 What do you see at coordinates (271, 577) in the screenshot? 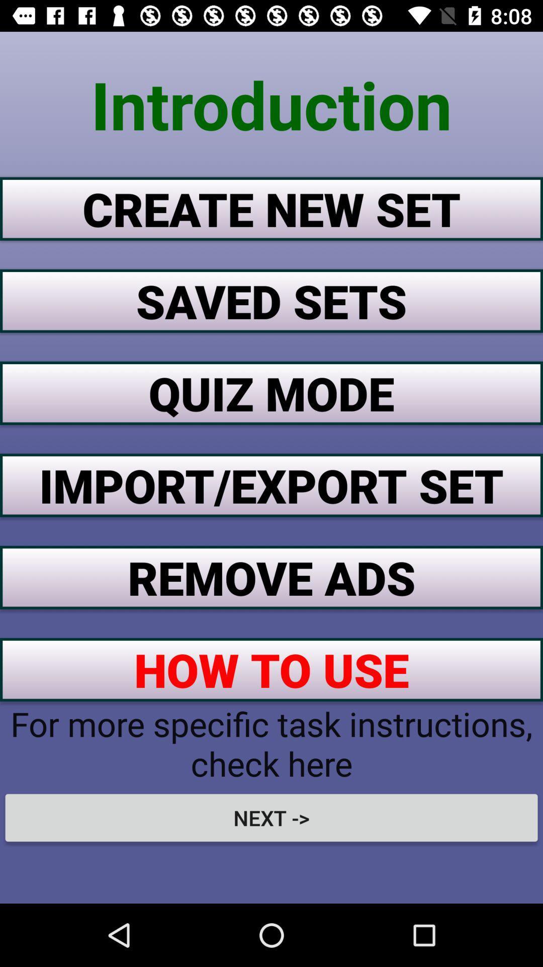
I see `the remove ads button` at bounding box center [271, 577].